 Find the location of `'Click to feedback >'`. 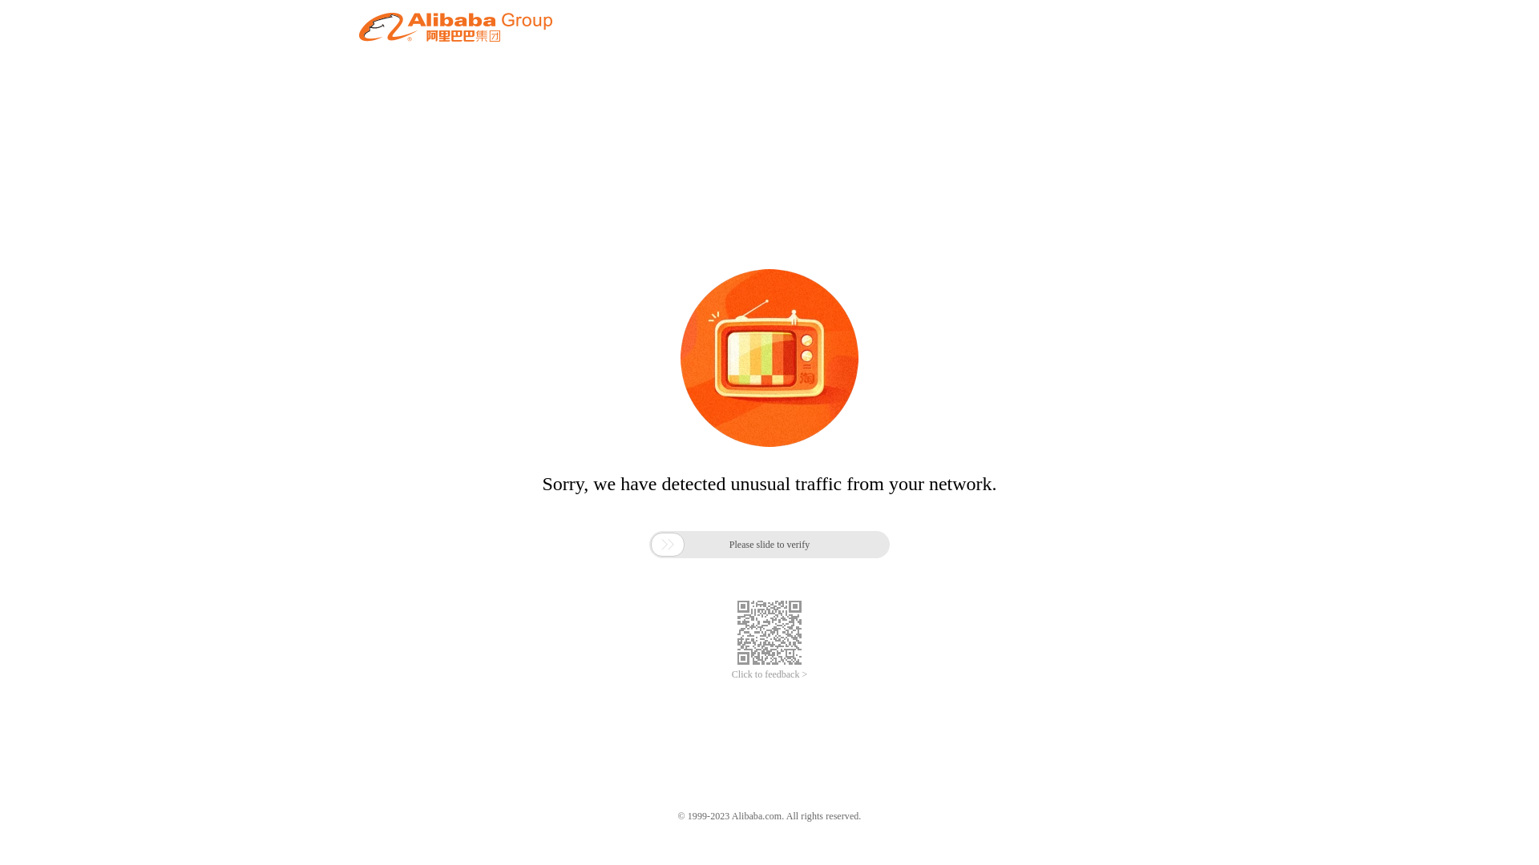

'Click to feedback >' is located at coordinates (769, 674).